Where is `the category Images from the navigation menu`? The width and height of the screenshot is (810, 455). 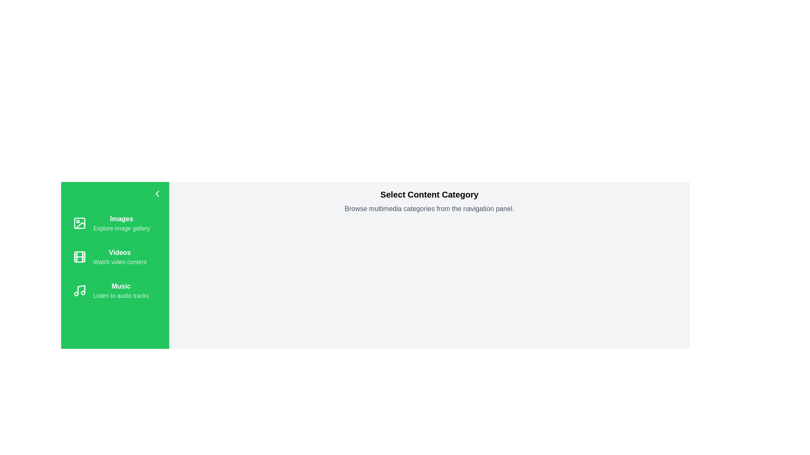 the category Images from the navigation menu is located at coordinates (115, 222).